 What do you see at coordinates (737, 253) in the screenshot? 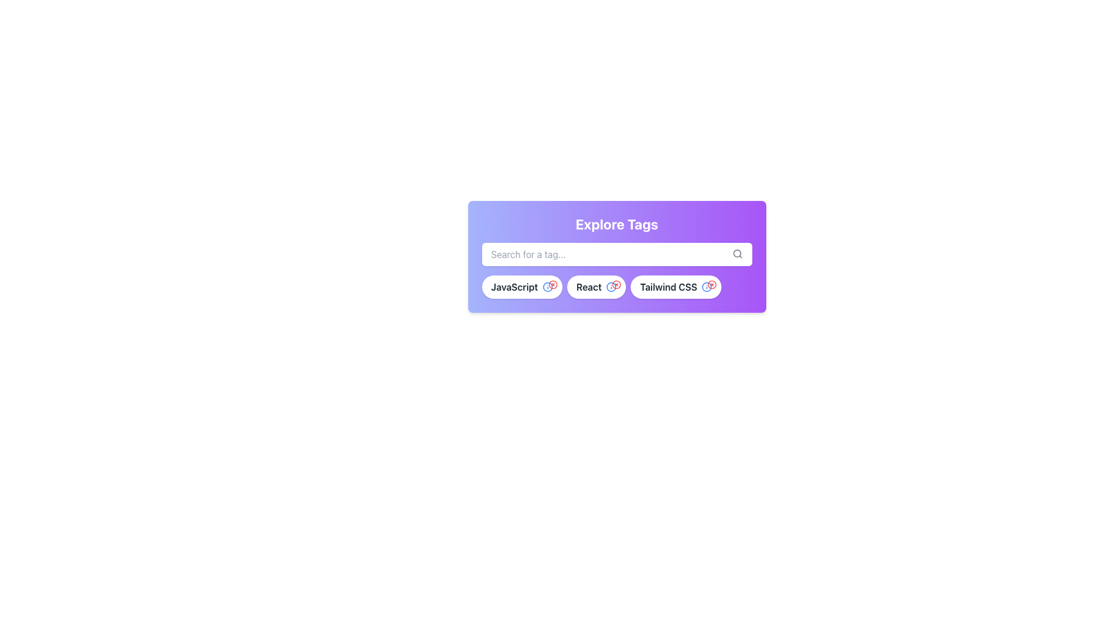
I see `the search icon located in the top-right corner of the text input field with the placeholder 'Search for a tag...' to initiate a search` at bounding box center [737, 253].